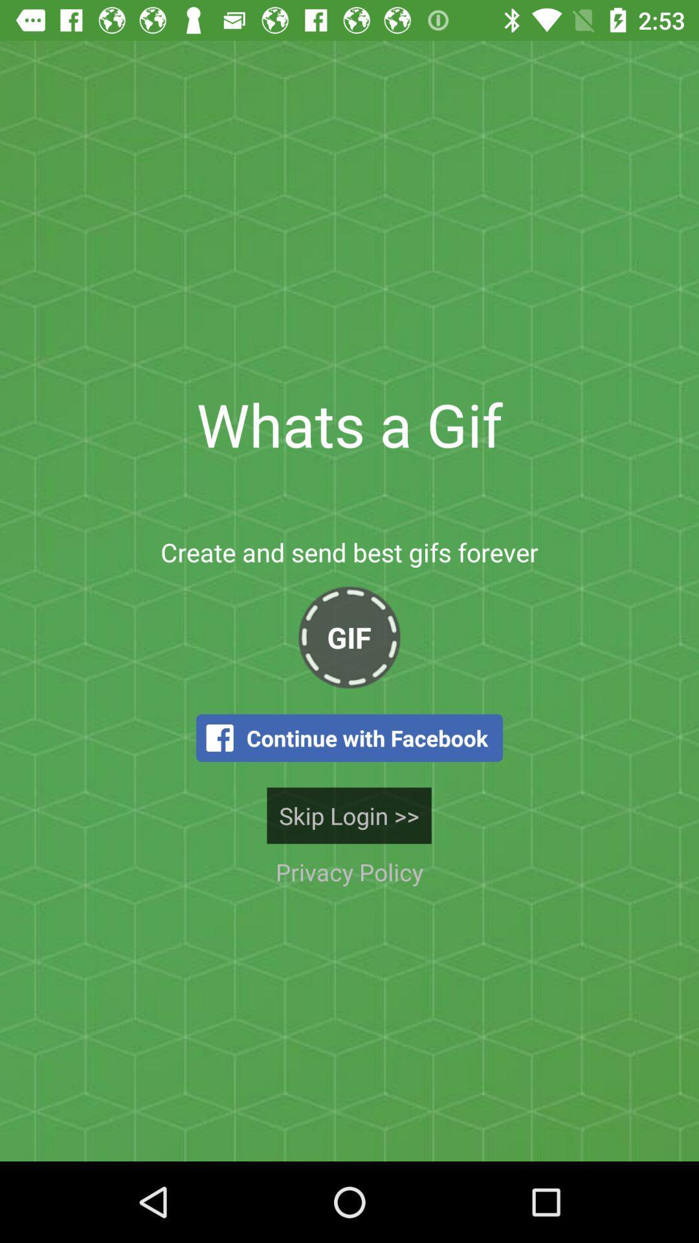 The width and height of the screenshot is (699, 1243). Describe the element at coordinates (348, 814) in the screenshot. I see `icon below continue with facebook item` at that location.